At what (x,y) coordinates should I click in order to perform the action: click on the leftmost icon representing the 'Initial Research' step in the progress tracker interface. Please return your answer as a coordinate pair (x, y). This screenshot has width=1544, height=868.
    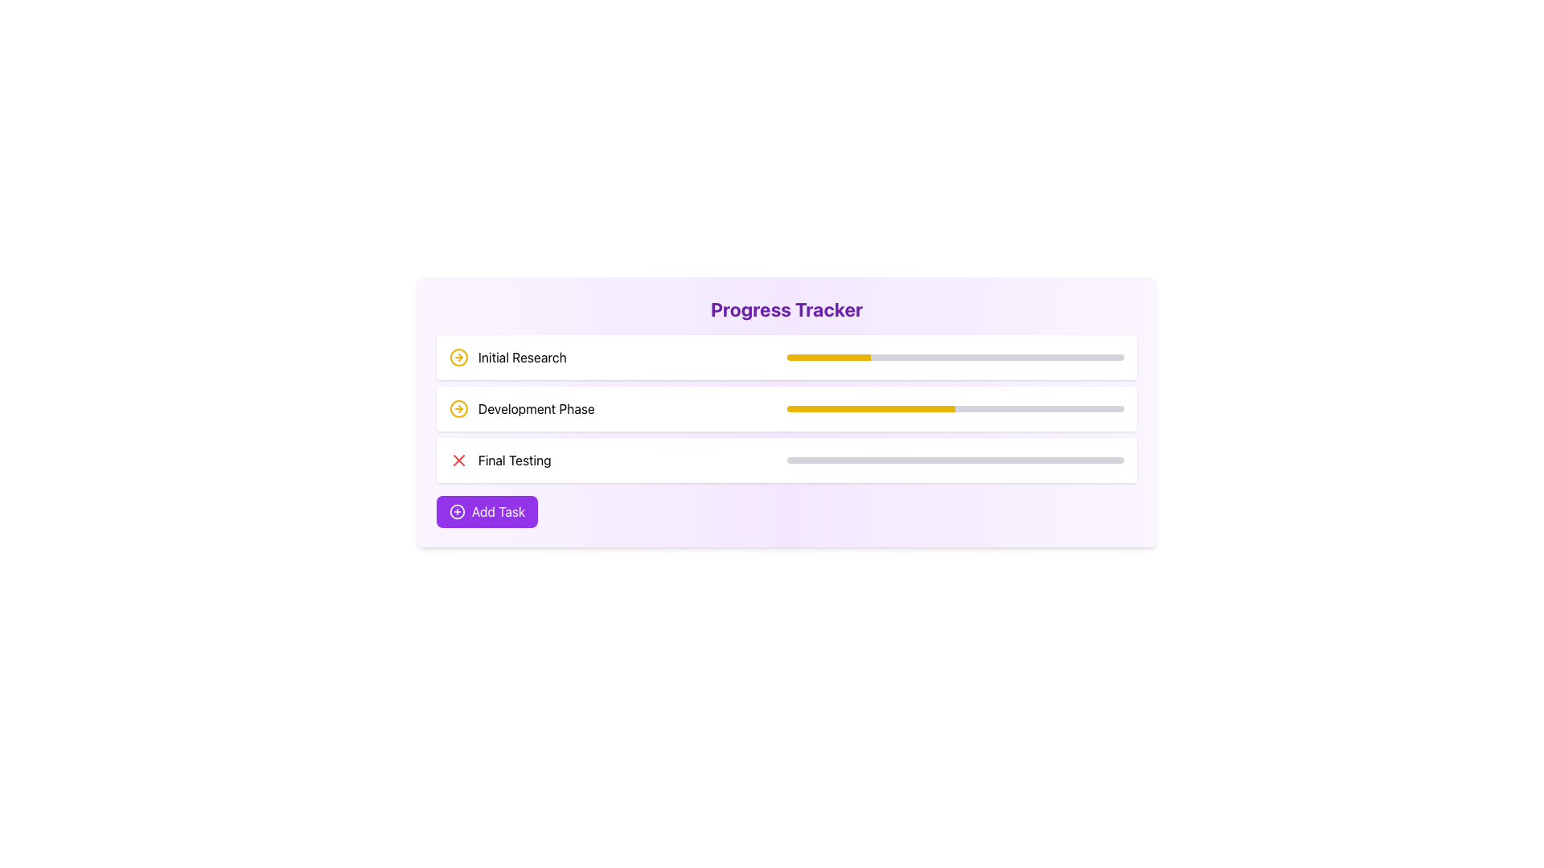
    Looking at the image, I should click on (458, 356).